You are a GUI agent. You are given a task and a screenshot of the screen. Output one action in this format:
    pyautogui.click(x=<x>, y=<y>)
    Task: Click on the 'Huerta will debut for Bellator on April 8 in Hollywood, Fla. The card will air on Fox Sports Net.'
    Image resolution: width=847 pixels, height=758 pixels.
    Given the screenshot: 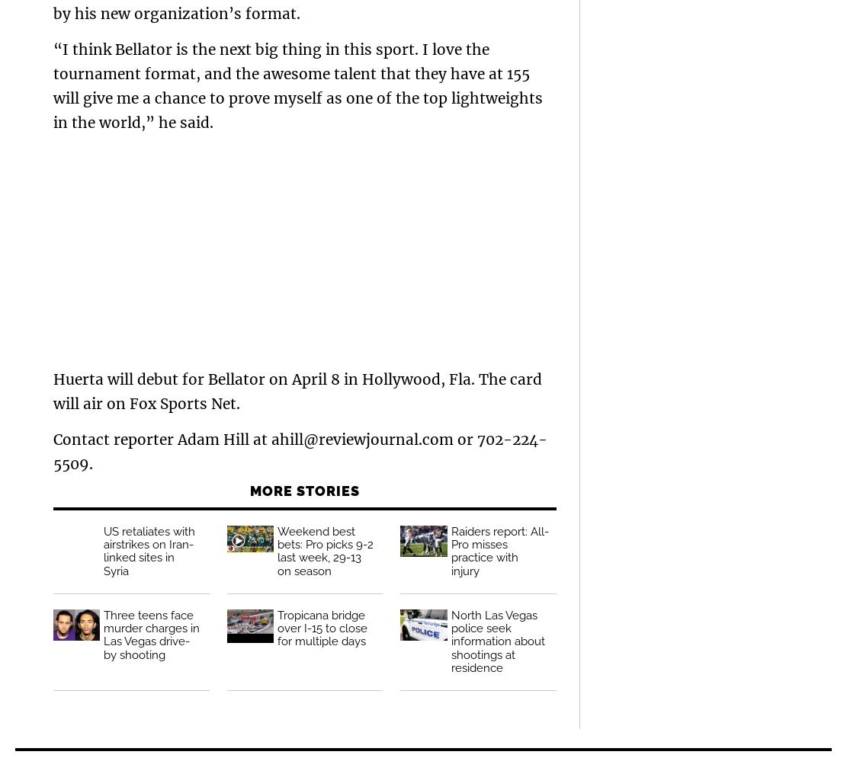 What is the action you would take?
    pyautogui.click(x=297, y=391)
    